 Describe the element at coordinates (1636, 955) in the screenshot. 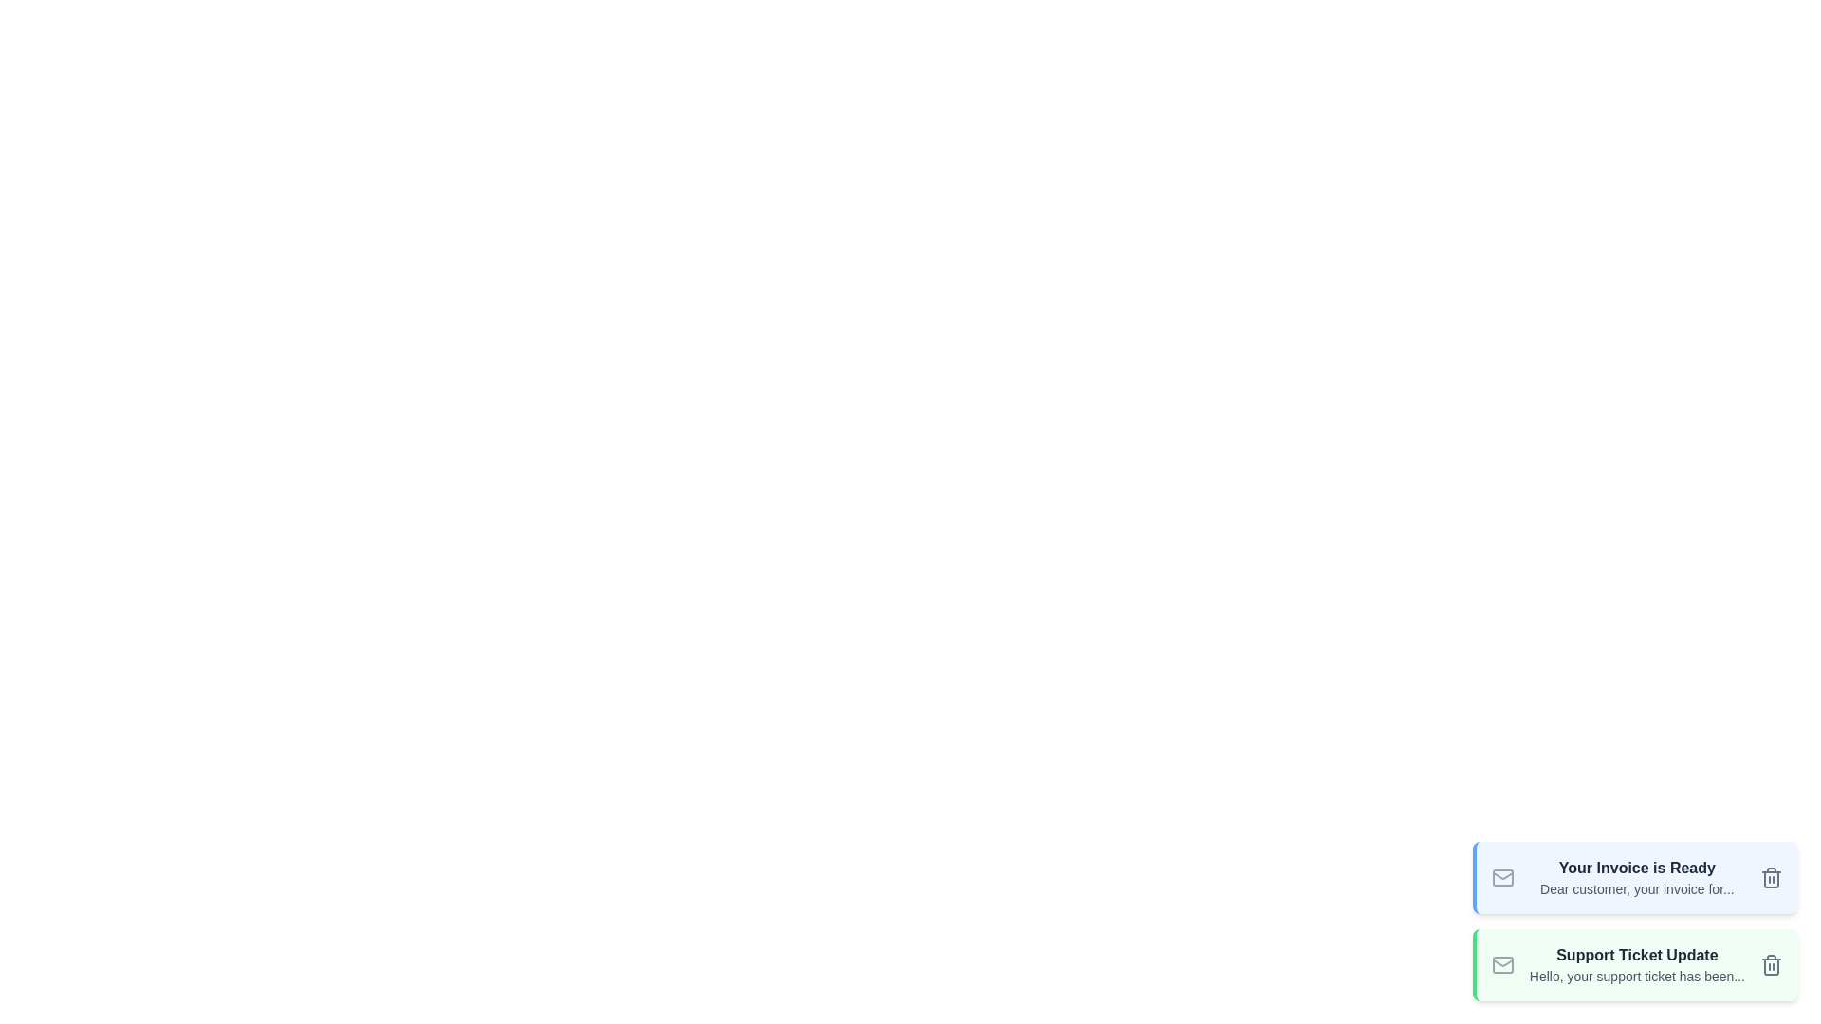

I see `the subject of the email notification with subject 'Support Ticket Update'` at that location.